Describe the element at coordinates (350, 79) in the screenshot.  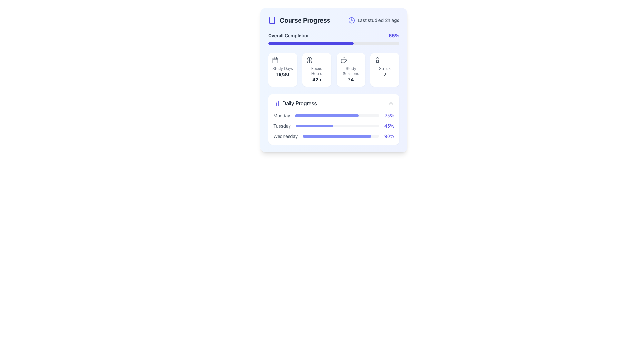
I see `the text displaying the numeric value '24' in bold font located below the label 'Study Sessions' within a white card` at that location.